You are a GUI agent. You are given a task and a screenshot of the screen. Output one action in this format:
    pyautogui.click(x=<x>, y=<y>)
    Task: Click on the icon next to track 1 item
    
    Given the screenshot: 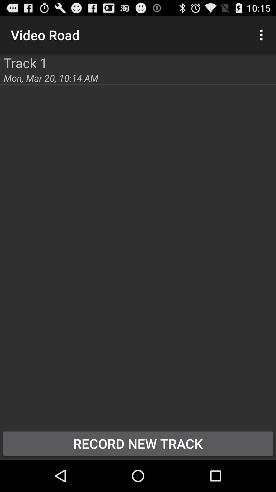 What is the action you would take?
    pyautogui.click(x=0, y=54)
    